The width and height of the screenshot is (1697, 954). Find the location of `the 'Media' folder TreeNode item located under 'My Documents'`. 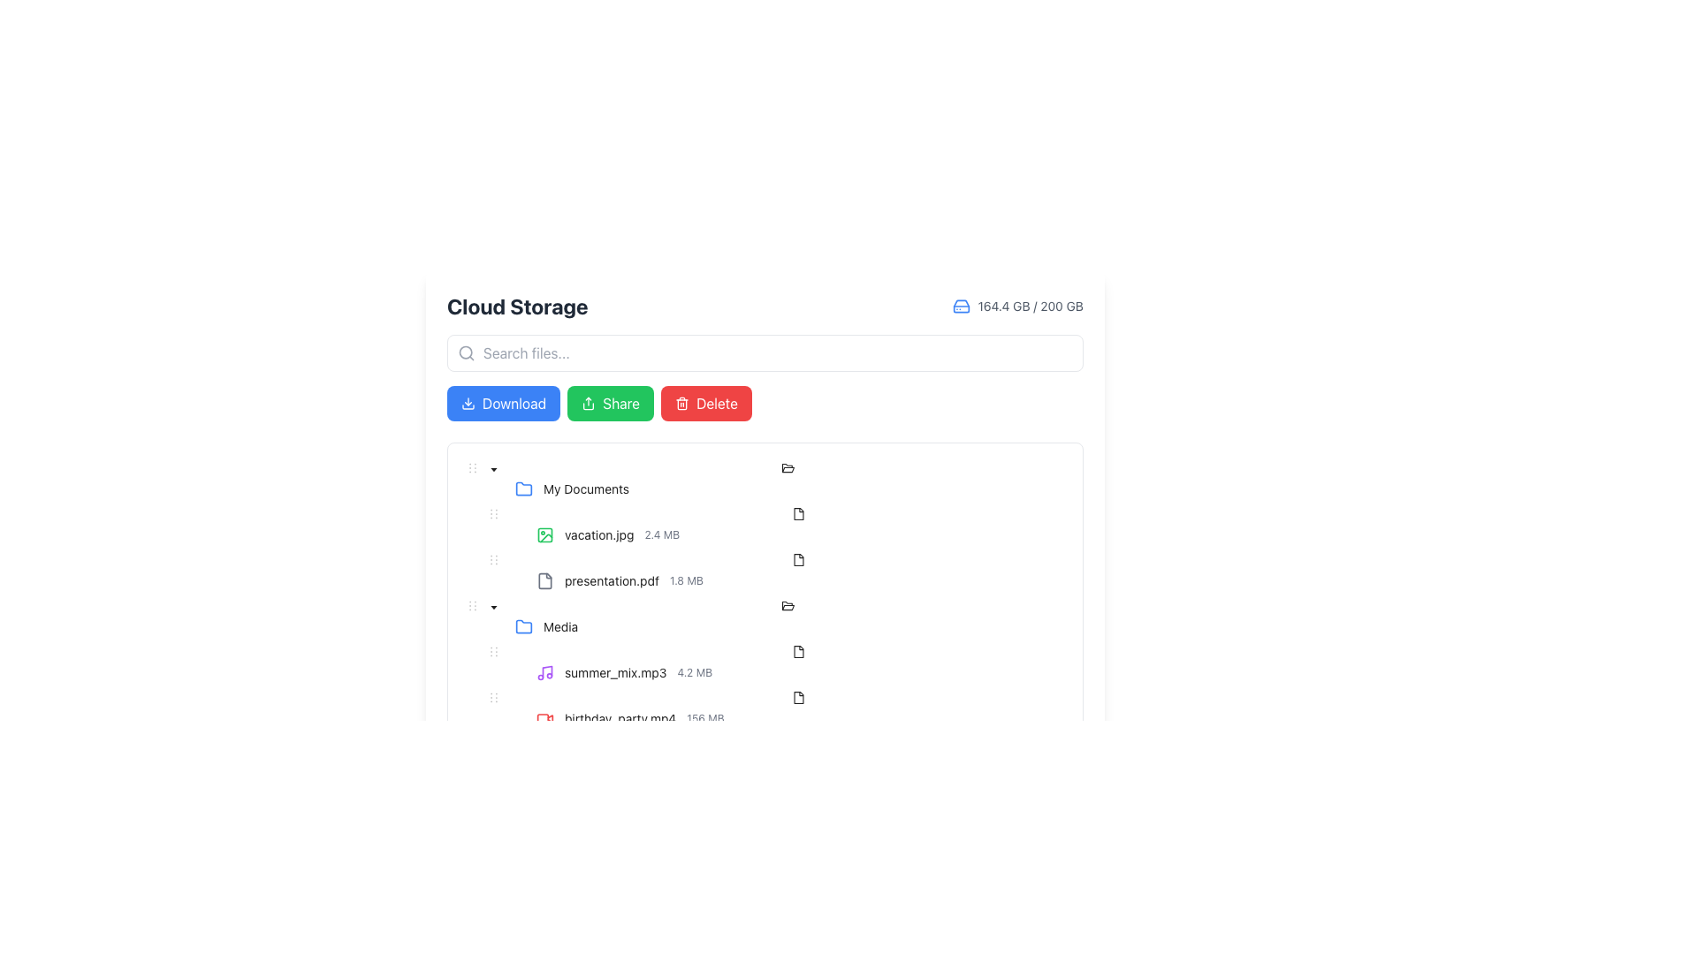

the 'Media' folder TreeNode item located under 'My Documents' is located at coordinates (765, 616).